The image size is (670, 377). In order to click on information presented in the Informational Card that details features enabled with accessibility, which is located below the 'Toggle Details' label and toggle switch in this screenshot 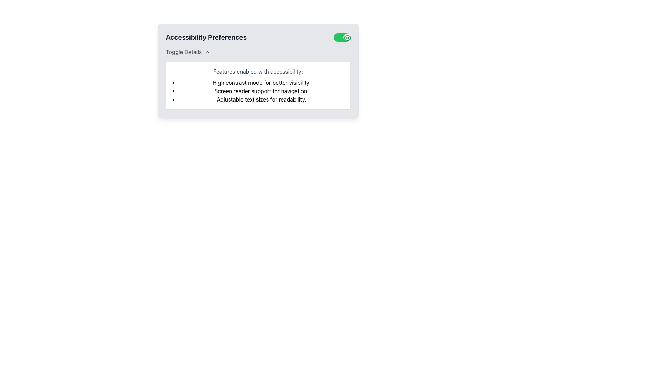, I will do `click(258, 85)`.